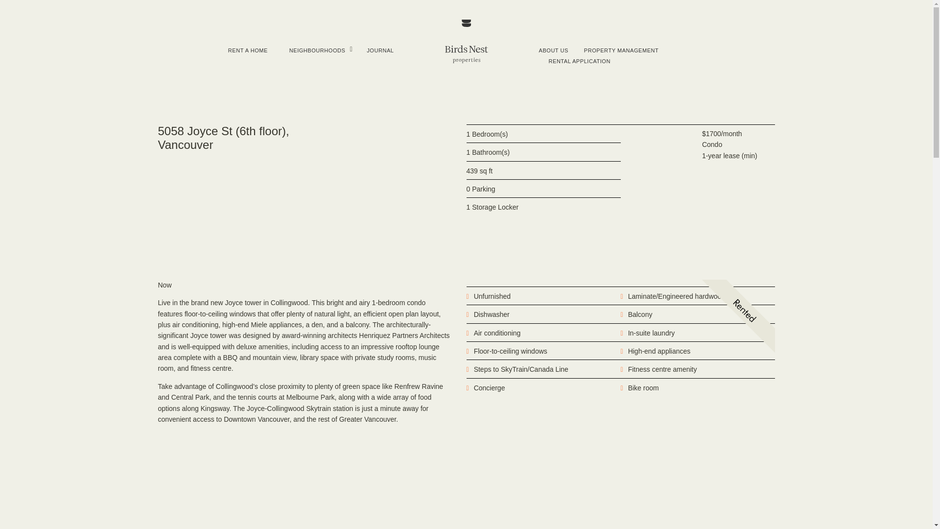 Image resolution: width=940 pixels, height=529 pixels. Describe the element at coordinates (547, 61) in the screenshot. I see `'RENTAL APPLICATION'` at that location.